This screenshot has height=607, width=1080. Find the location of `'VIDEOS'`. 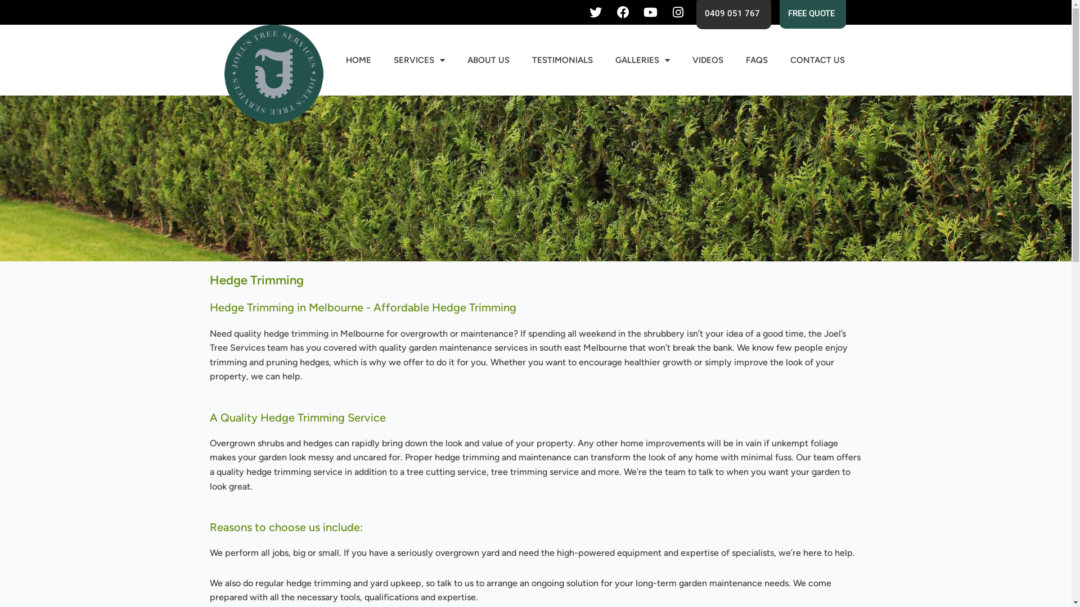

'VIDEOS' is located at coordinates (707, 60).